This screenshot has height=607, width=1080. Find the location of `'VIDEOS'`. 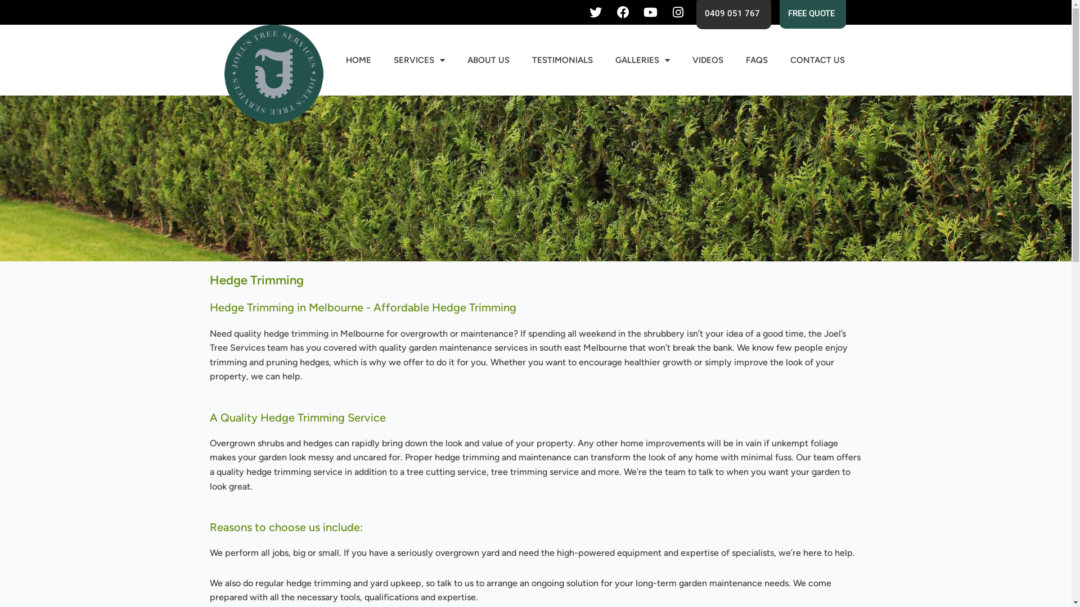

'VIDEOS' is located at coordinates (707, 60).